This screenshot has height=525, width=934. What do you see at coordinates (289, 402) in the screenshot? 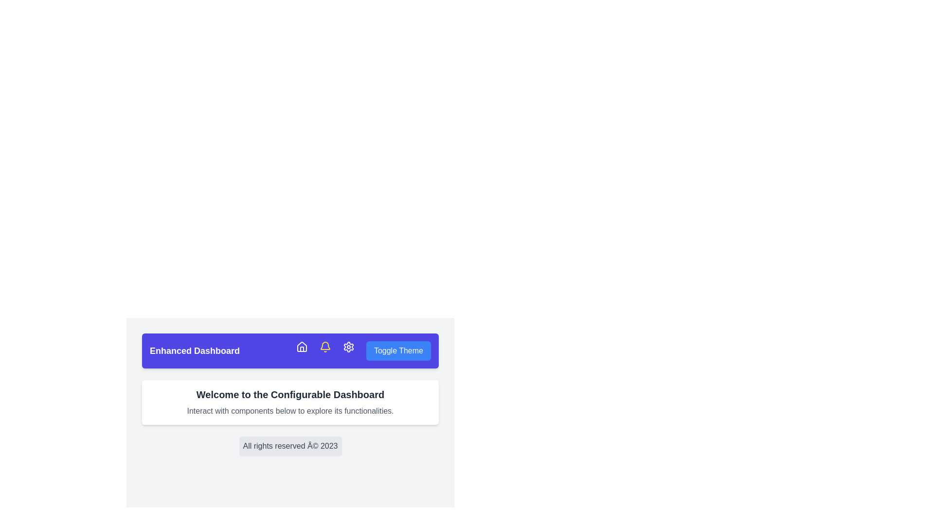
I see `the informational text block that contains the message 'Welcome to the Configurable Dashboard' and 'Interact with components below` at bounding box center [289, 402].